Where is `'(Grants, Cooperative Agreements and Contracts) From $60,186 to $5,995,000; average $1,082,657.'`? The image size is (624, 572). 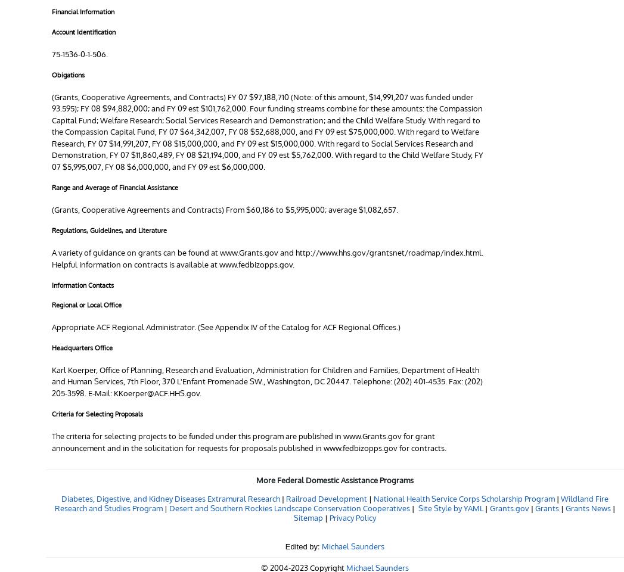 '(Grants, Cooperative Agreements and Contracts) From $60,186 to $5,995,000; average $1,082,657.' is located at coordinates (225, 209).